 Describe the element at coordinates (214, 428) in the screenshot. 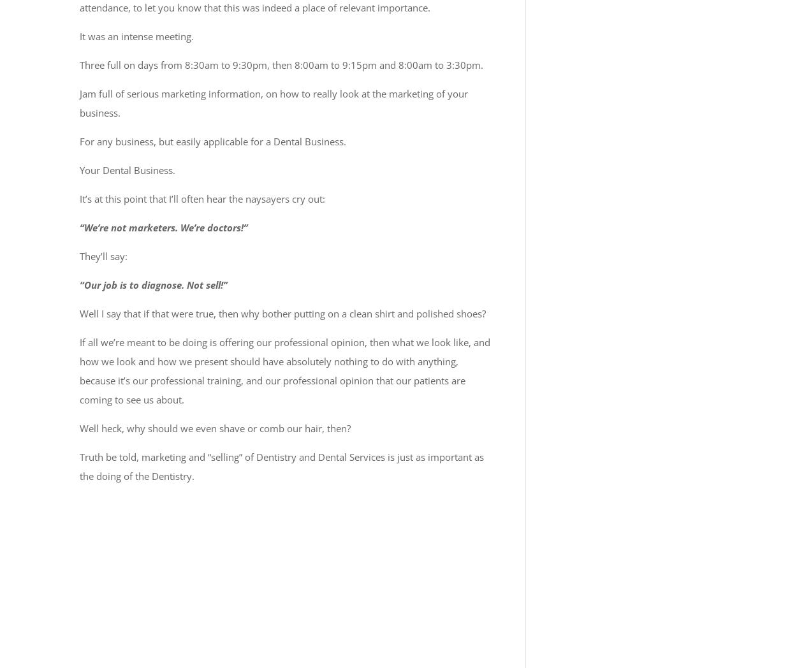

I see `'Well heck, why should we even shave or comb our hair, then?'` at that location.